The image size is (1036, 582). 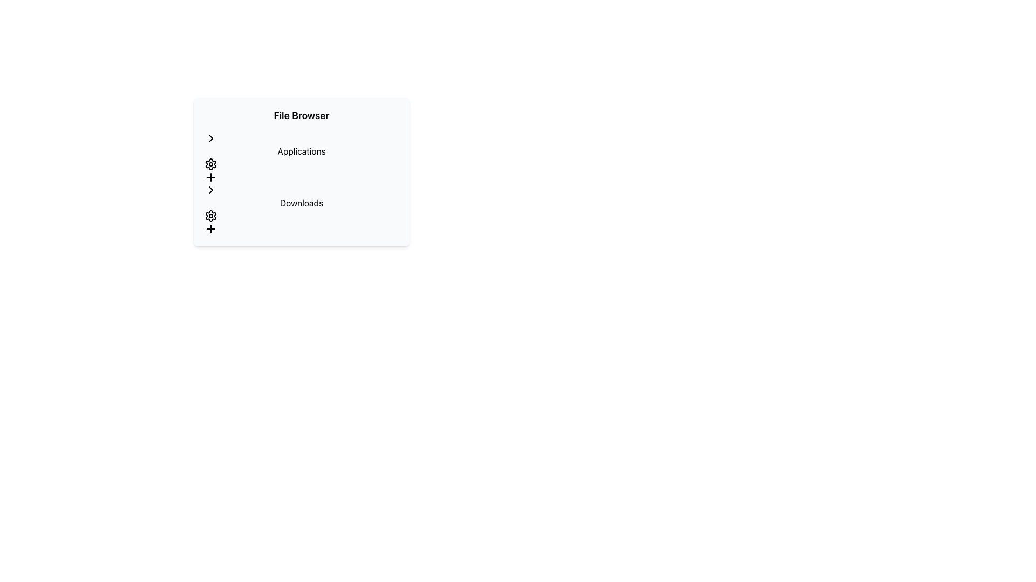 I want to click on the plus icon styled as an outlined cross located in the third row of the left vertical icon list, so click(x=210, y=176).